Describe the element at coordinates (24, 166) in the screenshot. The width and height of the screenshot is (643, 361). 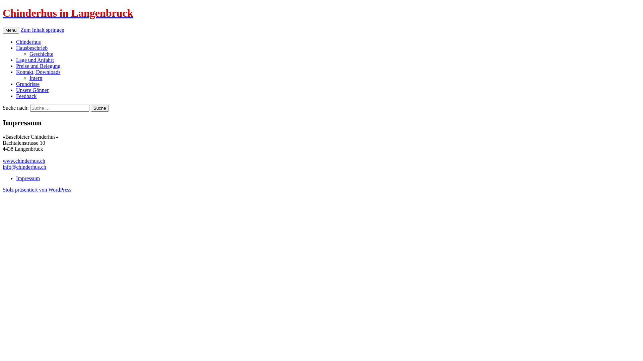
I see `'info@chinderhus.ch'` at that location.